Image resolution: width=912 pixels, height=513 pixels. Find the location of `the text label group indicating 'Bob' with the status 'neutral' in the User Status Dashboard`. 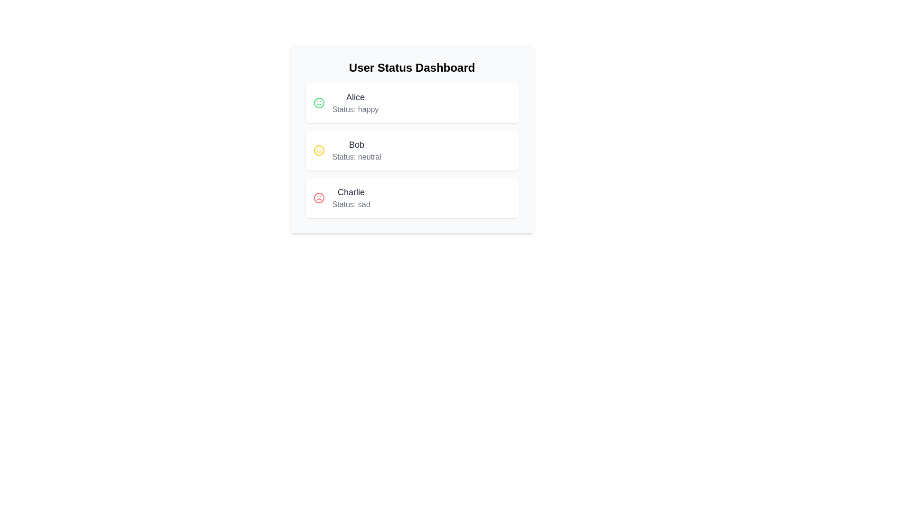

the text label group indicating 'Bob' with the status 'neutral' in the User Status Dashboard is located at coordinates (356, 150).